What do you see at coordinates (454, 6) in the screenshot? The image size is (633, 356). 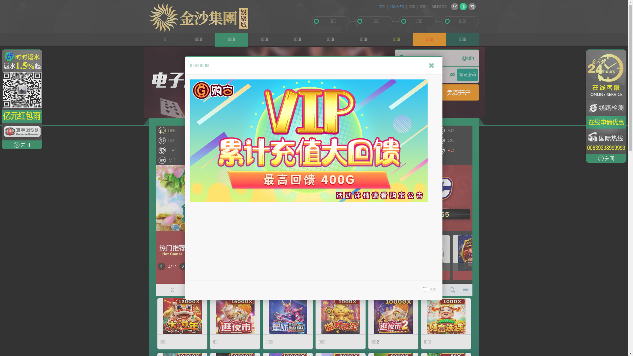 I see `'English'` at bounding box center [454, 6].